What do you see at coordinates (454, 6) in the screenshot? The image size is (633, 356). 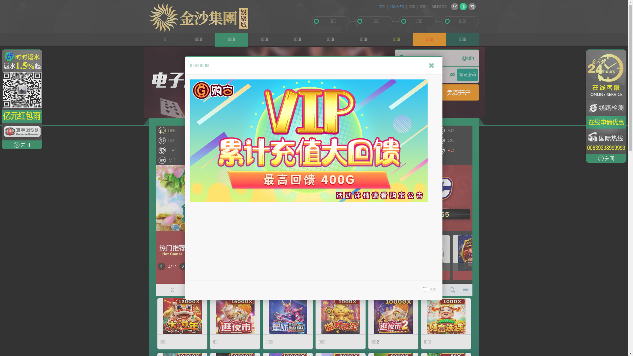 I see `'English'` at bounding box center [454, 6].